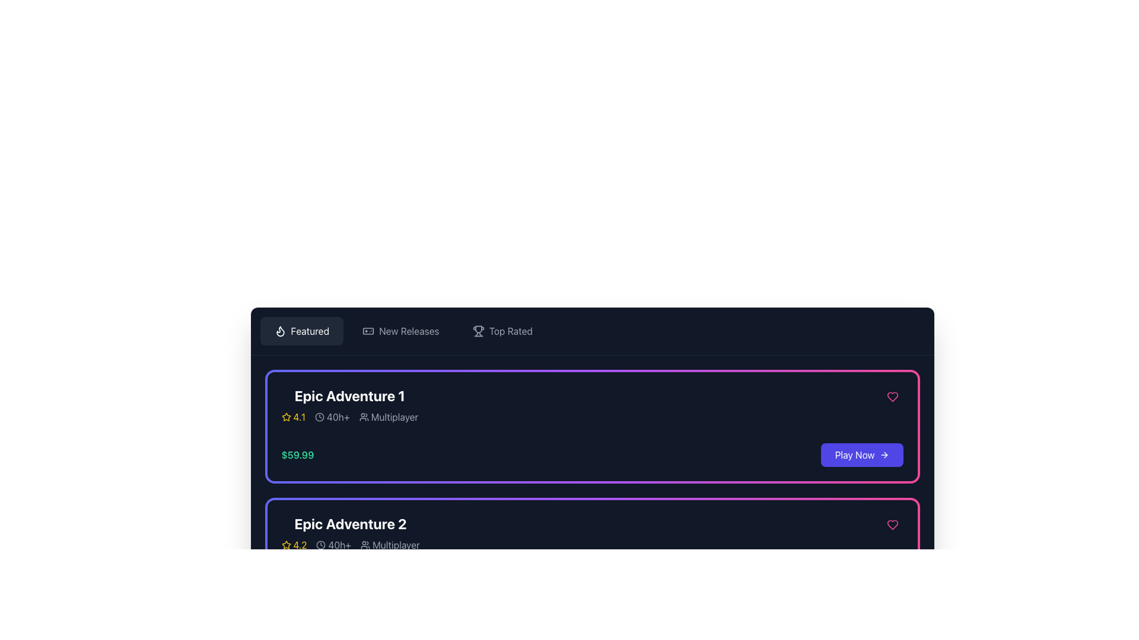 The height and width of the screenshot is (640, 1139). What do you see at coordinates (502, 331) in the screenshot?
I see `the 'Top Rated' interactive button in the navigation bar to make it active` at bounding box center [502, 331].